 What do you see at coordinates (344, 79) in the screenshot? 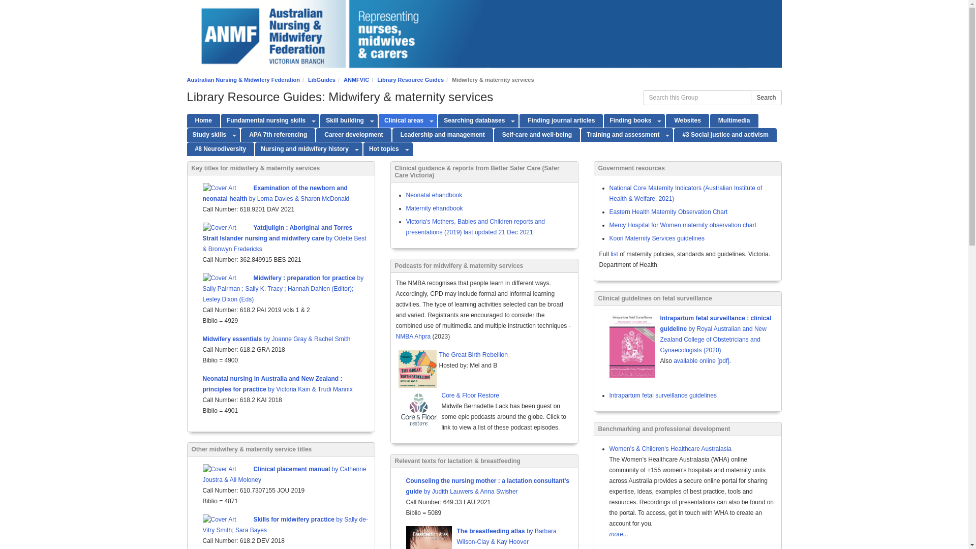
I see `'ANMFVIC'` at bounding box center [344, 79].